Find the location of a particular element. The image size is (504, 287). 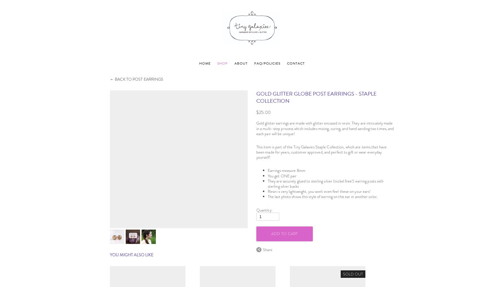

'About' is located at coordinates (241, 63).